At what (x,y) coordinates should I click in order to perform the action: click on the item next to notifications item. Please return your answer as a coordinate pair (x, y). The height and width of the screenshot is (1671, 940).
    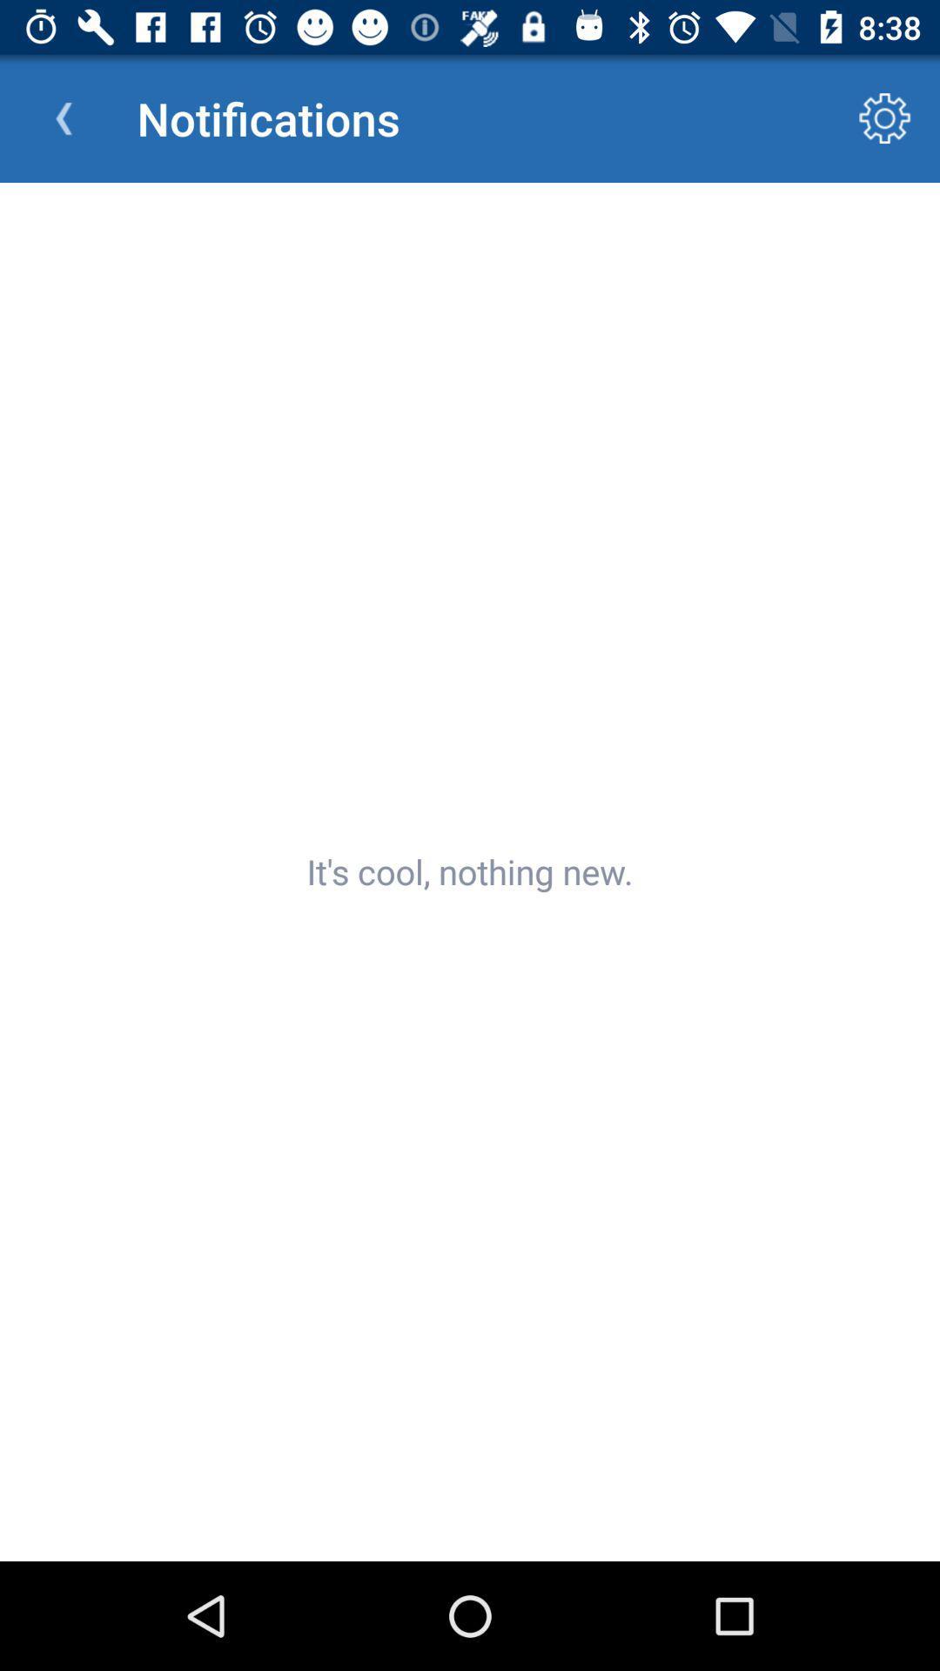
    Looking at the image, I should click on (63, 117).